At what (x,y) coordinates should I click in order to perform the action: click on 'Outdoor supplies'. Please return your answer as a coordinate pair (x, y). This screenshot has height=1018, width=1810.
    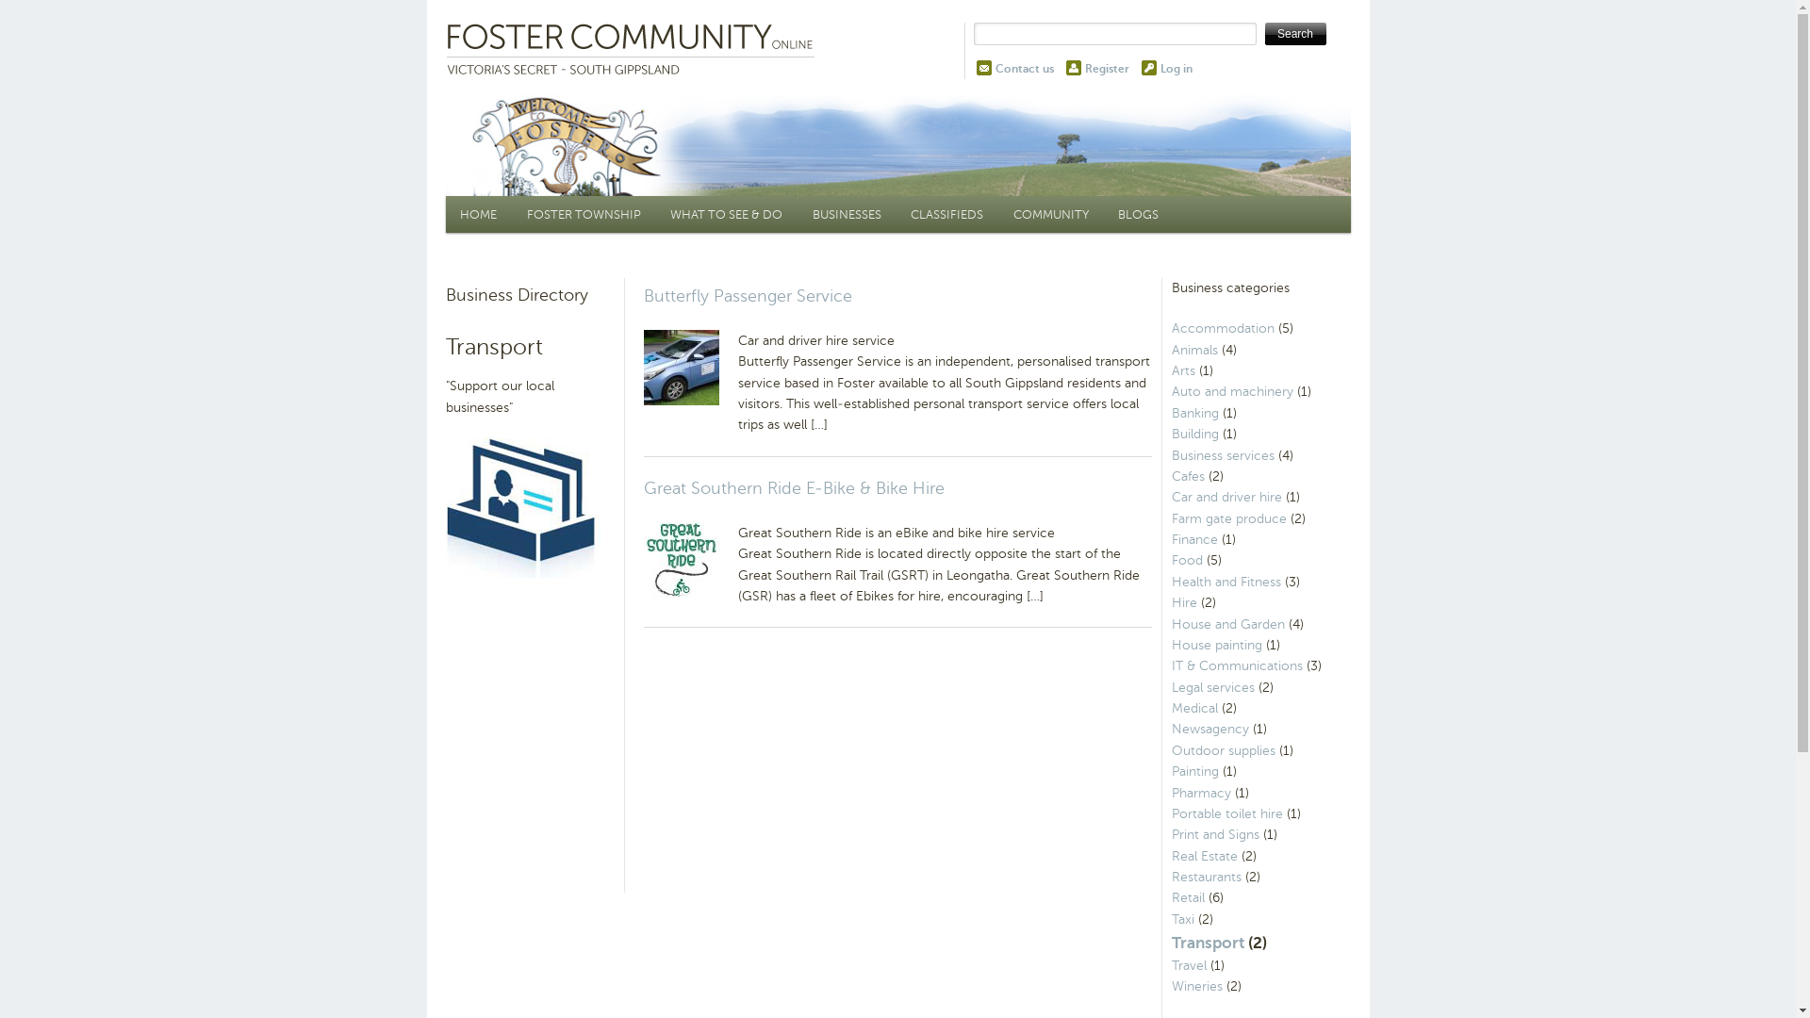
    Looking at the image, I should click on (1222, 749).